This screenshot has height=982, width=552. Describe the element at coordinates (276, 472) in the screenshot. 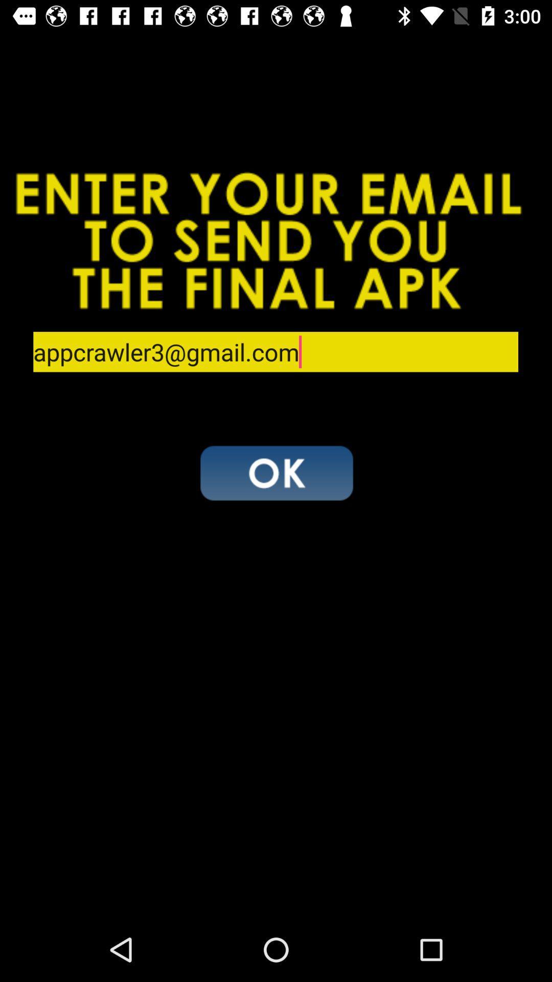

I see `button confirming email entered` at that location.